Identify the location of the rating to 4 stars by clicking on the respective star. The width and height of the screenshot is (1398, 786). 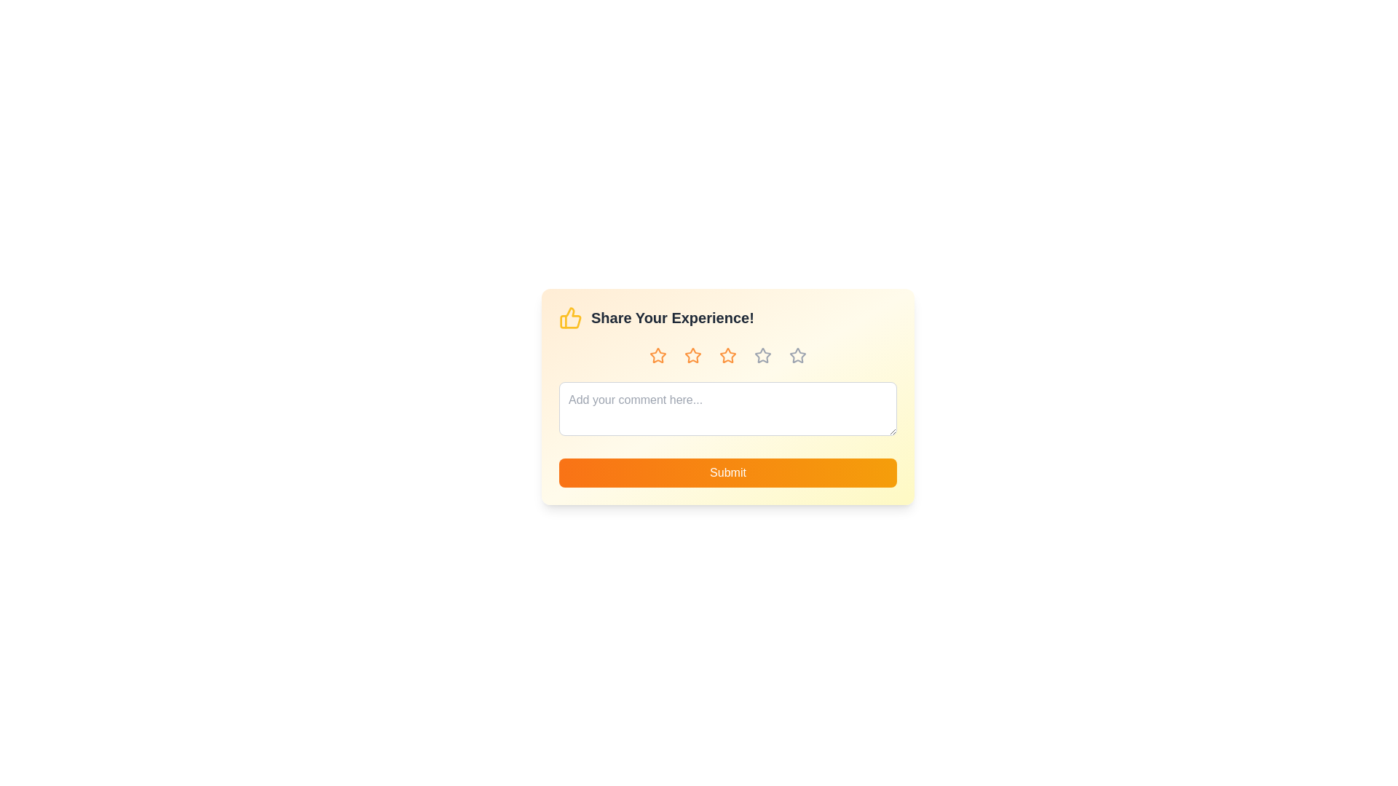
(762, 356).